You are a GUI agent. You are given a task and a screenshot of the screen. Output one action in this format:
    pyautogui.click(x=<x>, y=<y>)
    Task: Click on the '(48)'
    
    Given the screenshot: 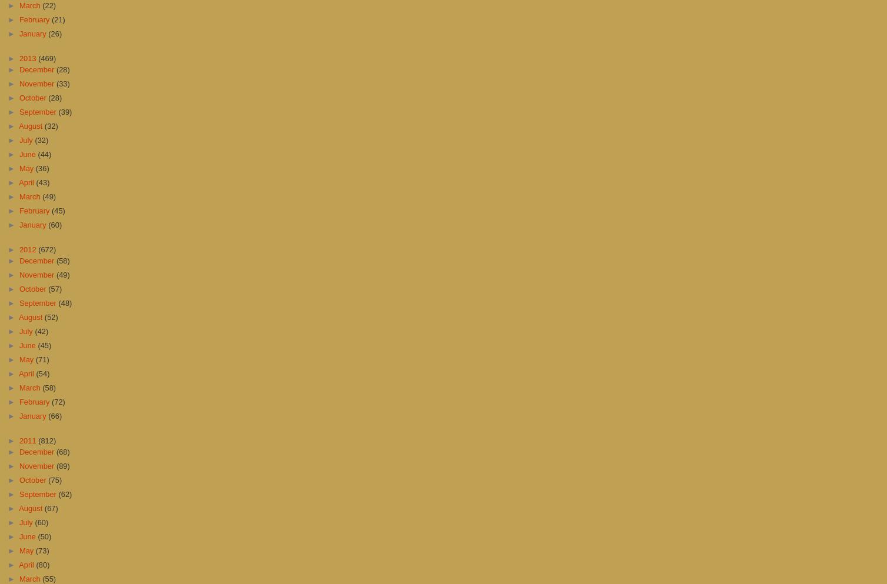 What is the action you would take?
    pyautogui.click(x=58, y=303)
    